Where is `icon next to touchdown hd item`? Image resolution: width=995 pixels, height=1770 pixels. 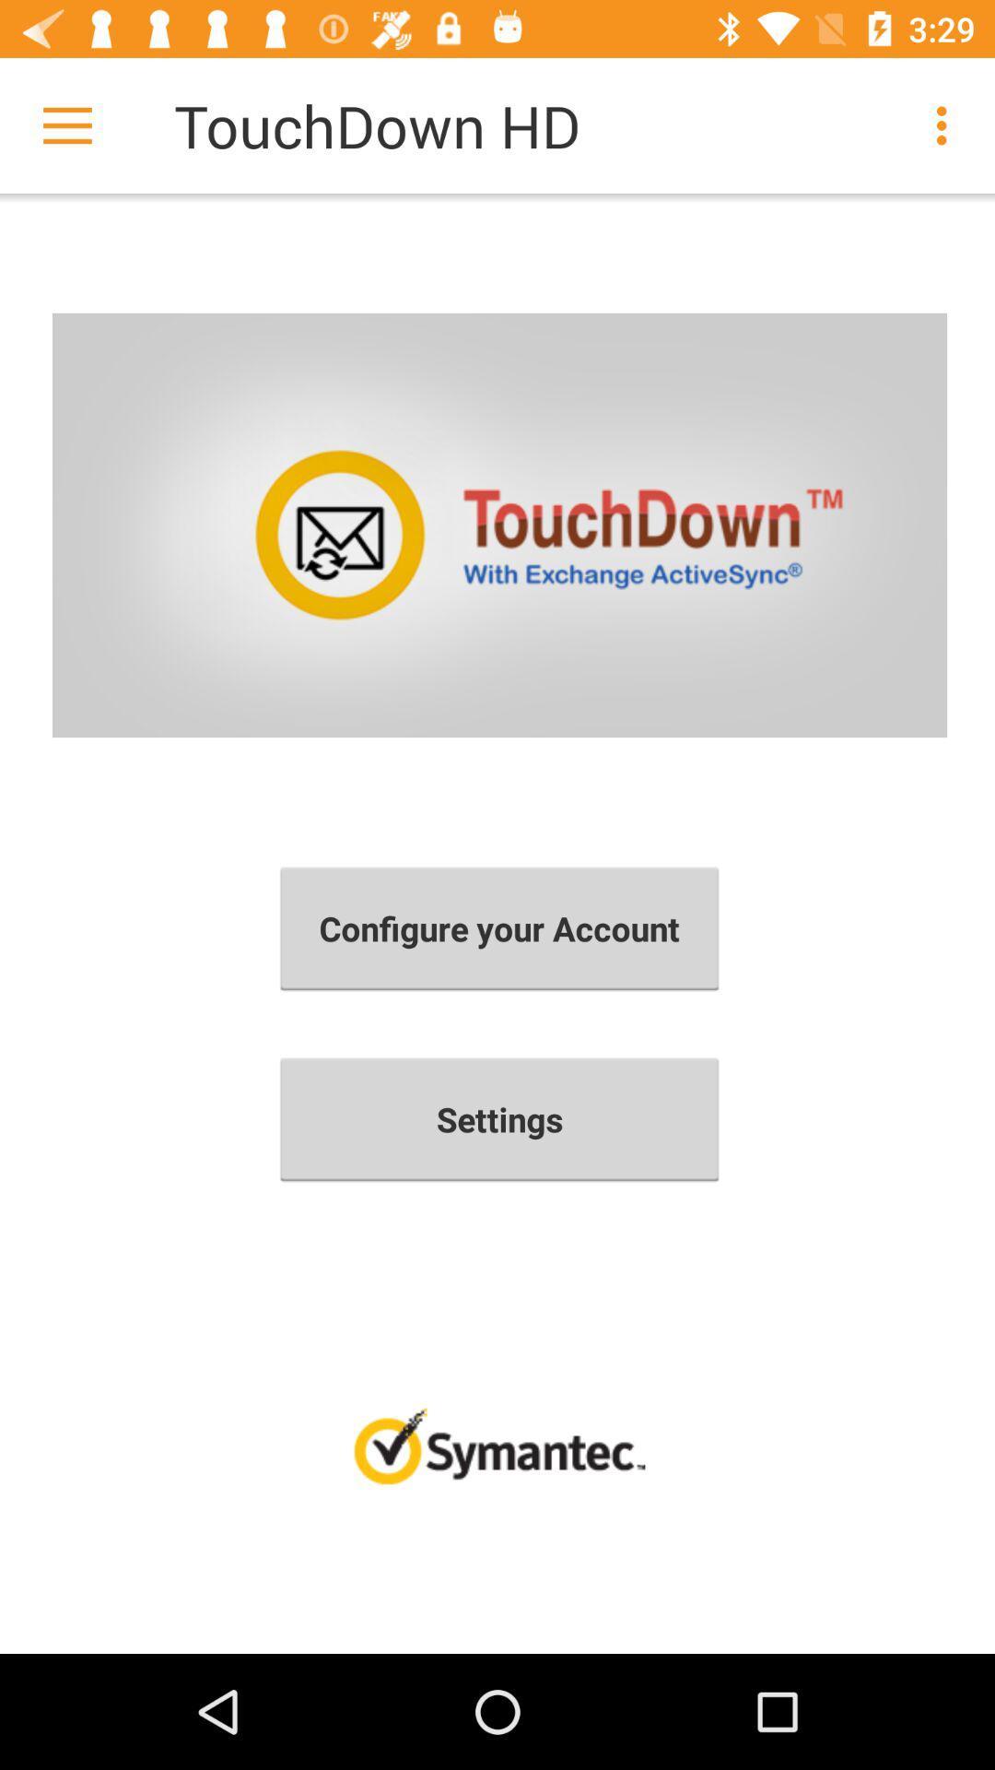
icon next to touchdown hd item is located at coordinates (946, 124).